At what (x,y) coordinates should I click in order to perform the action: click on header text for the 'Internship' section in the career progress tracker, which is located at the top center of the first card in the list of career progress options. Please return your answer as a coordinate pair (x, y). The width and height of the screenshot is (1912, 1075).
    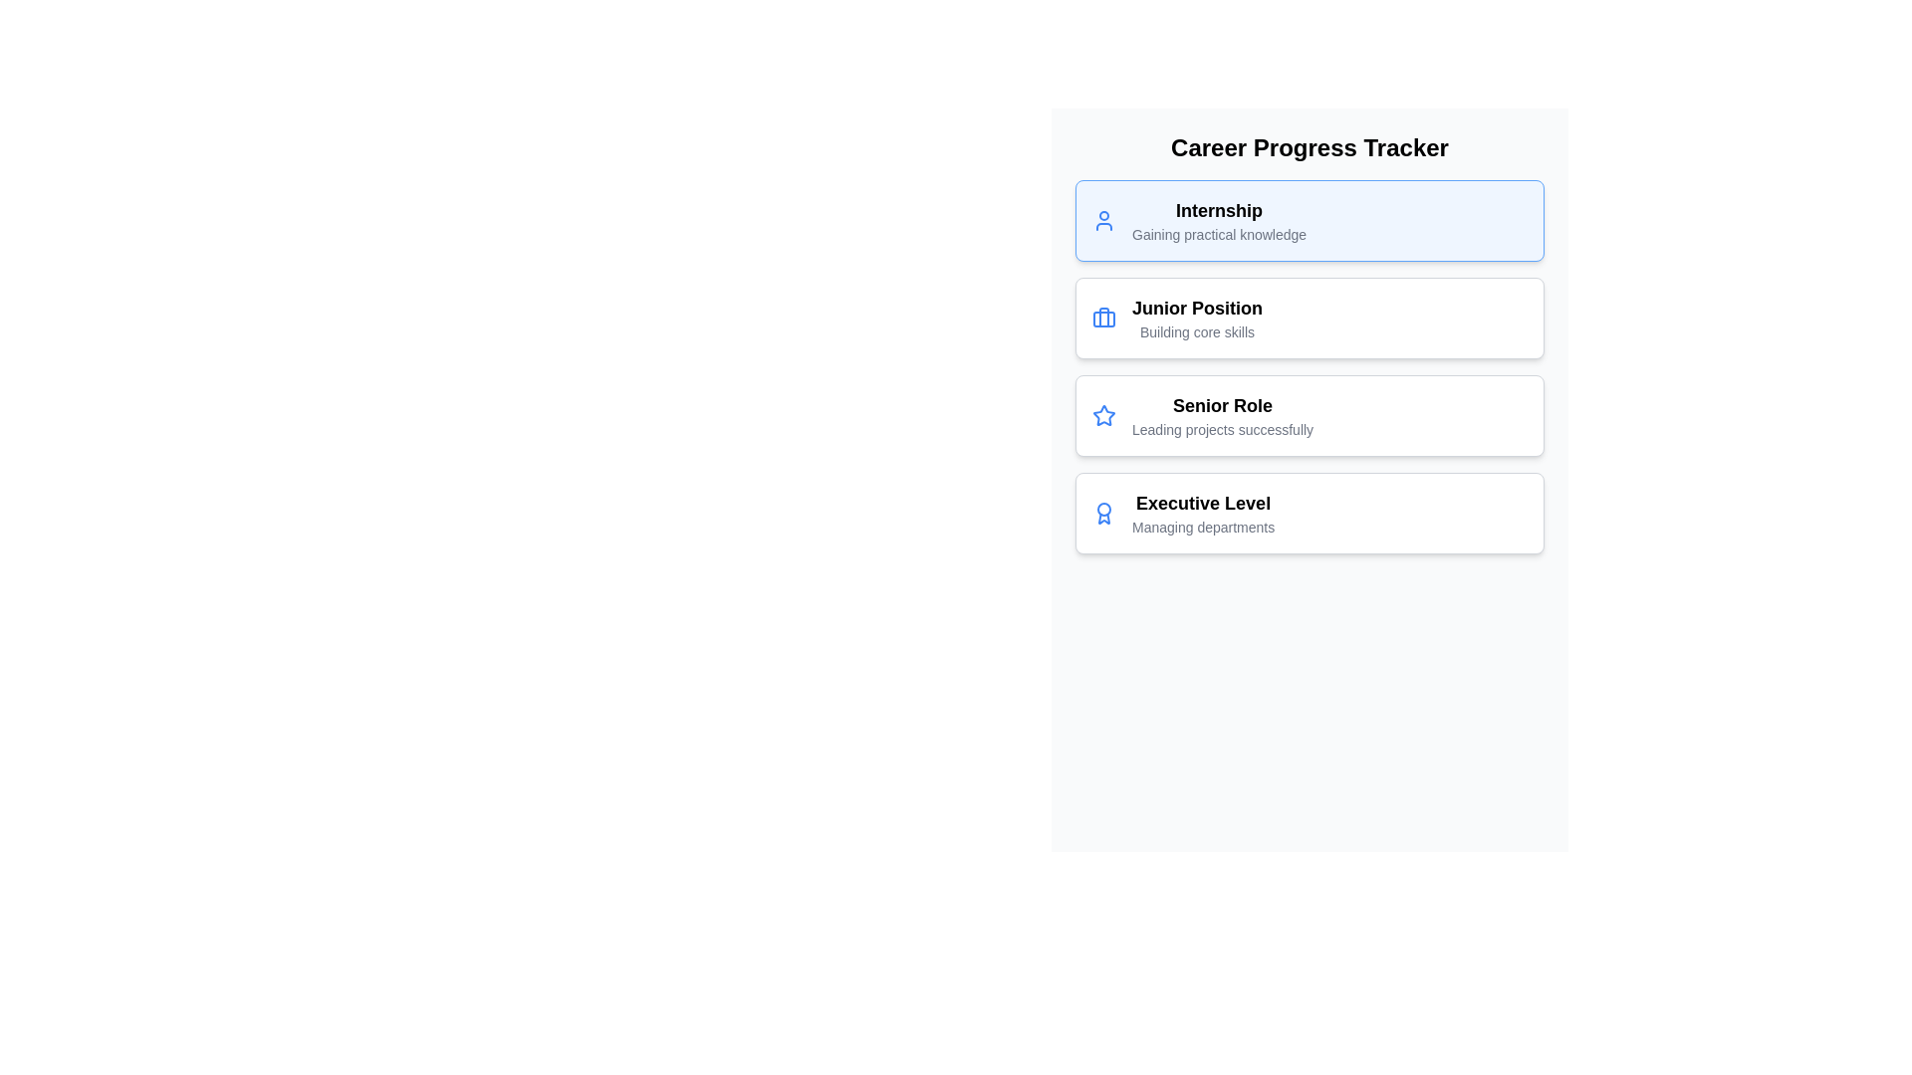
    Looking at the image, I should click on (1218, 211).